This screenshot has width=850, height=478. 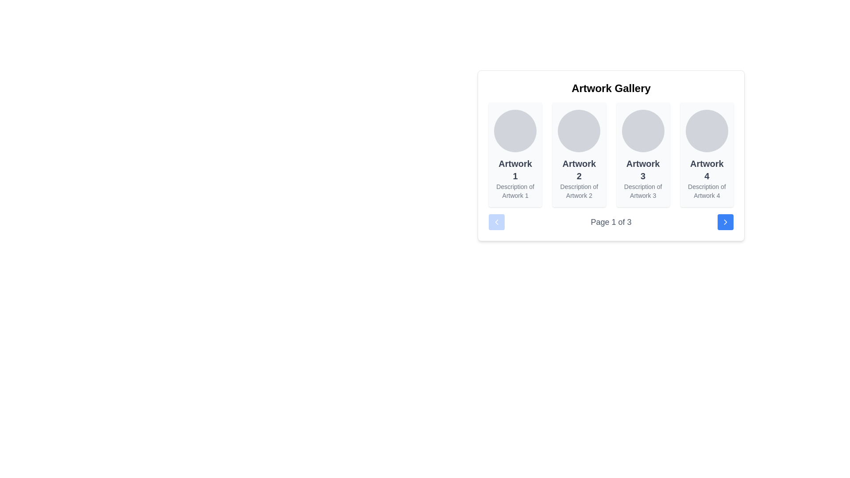 I want to click on the Text label displaying 'Artwork 2', which is styled in bold, larger font, and is dark gray, positioned below the circular placeholder image and above the description text, so click(x=579, y=170).